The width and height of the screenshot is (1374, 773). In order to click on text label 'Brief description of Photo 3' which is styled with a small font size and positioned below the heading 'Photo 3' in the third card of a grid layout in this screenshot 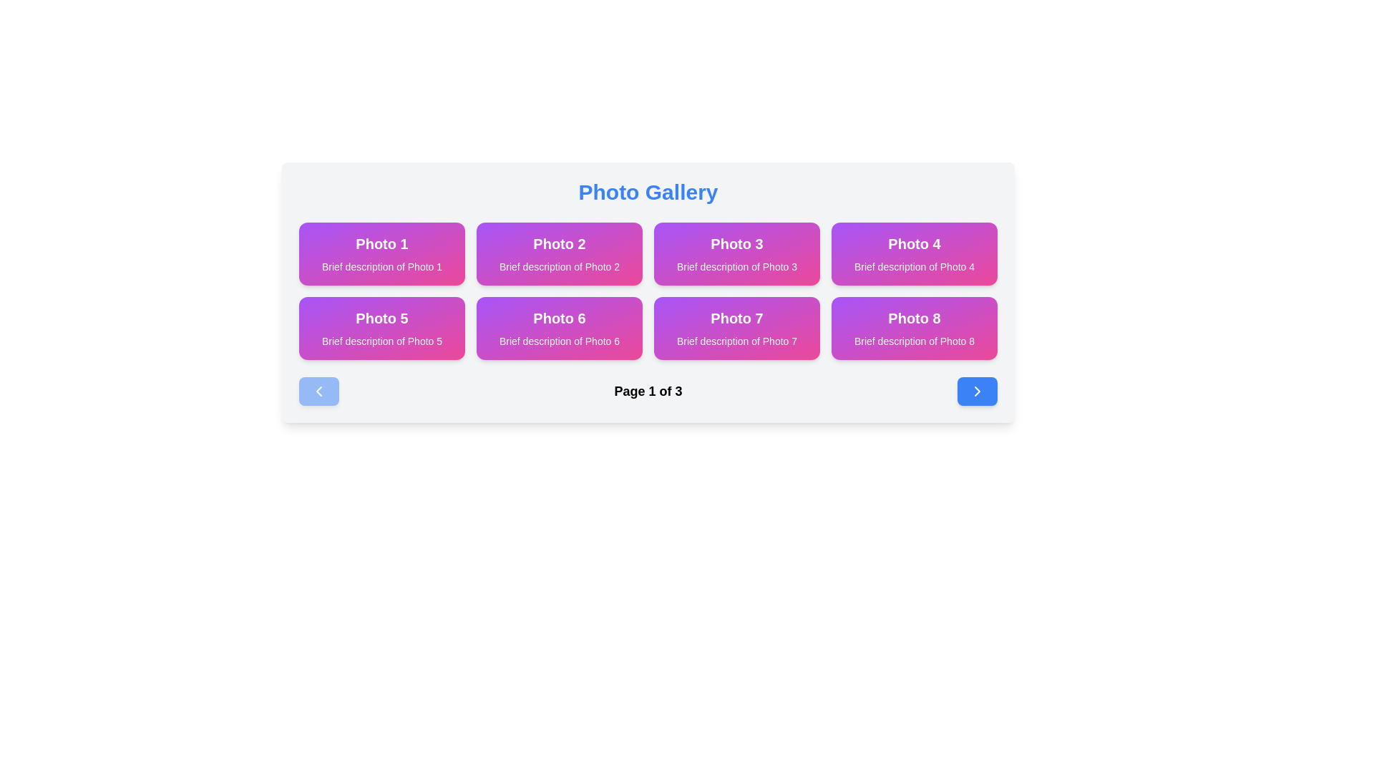, I will do `click(737, 267)`.